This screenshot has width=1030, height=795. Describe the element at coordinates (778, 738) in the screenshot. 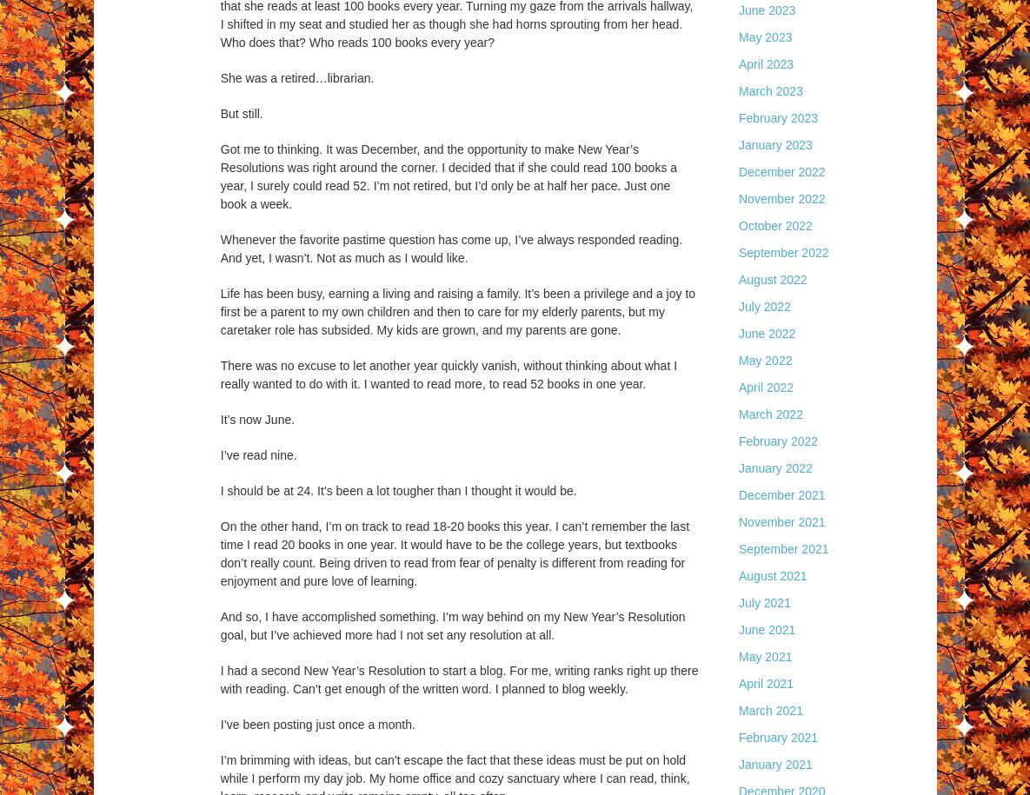

I see `'February 2021'` at that location.